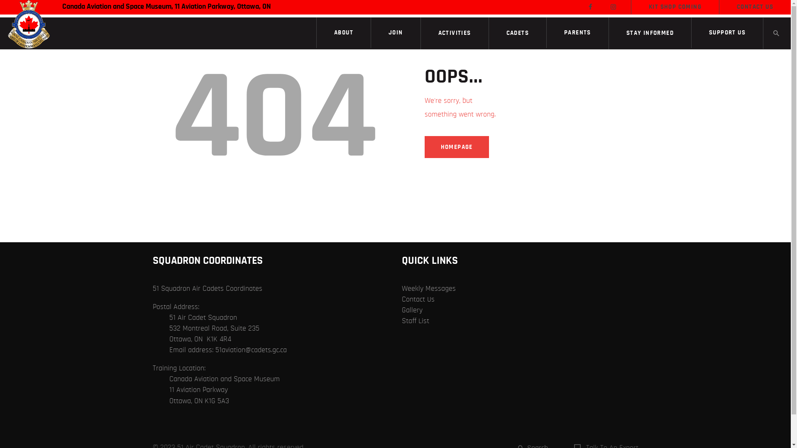 The width and height of the screenshot is (797, 448). I want to click on 'CADETS', so click(517, 33).